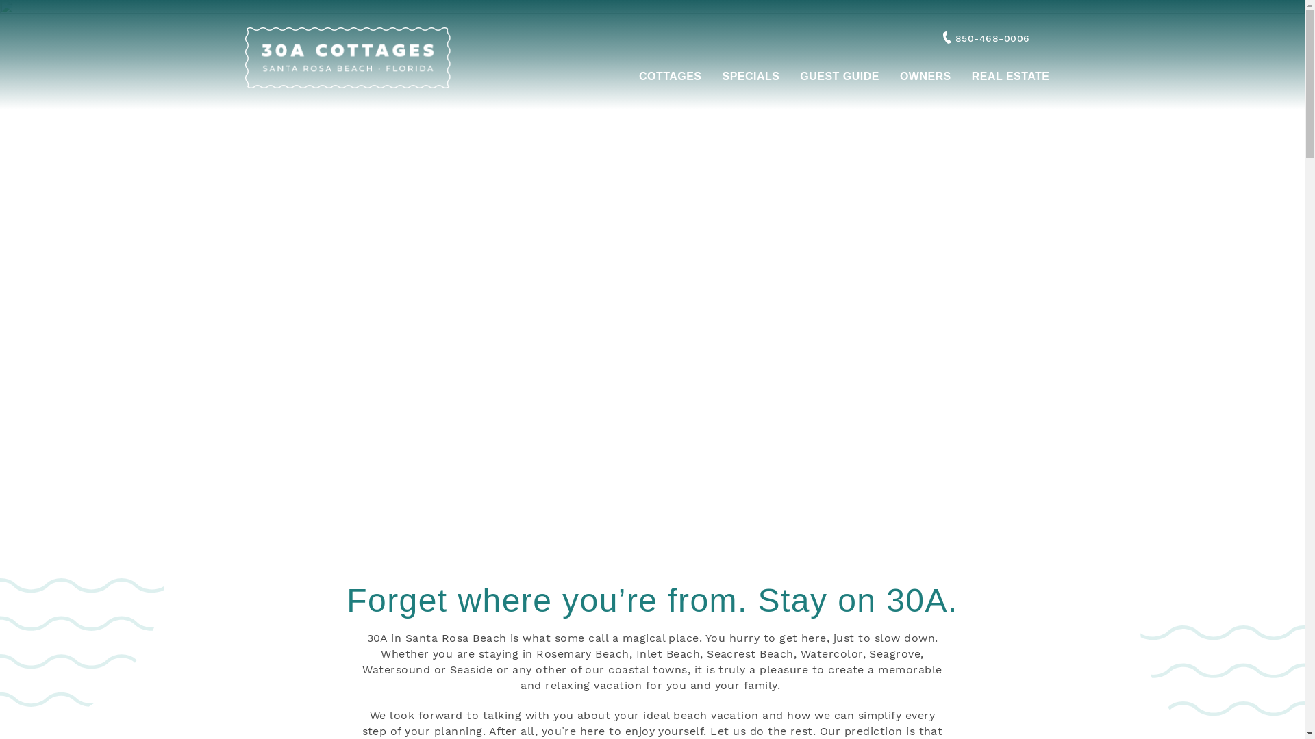 The width and height of the screenshot is (1315, 739). Describe the element at coordinates (982, 38) in the screenshot. I see `'850-468-0006'` at that location.